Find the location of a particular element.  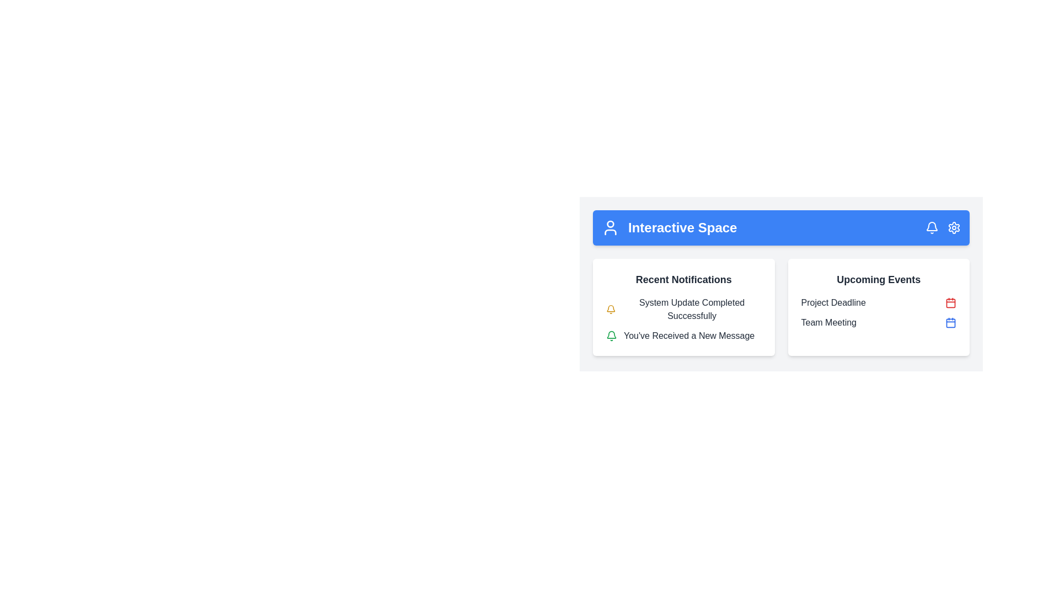

the decorative icon located in the 'Upcoming Events' section, aligned to the far right of the text 'Project Deadline' is located at coordinates (950, 302).